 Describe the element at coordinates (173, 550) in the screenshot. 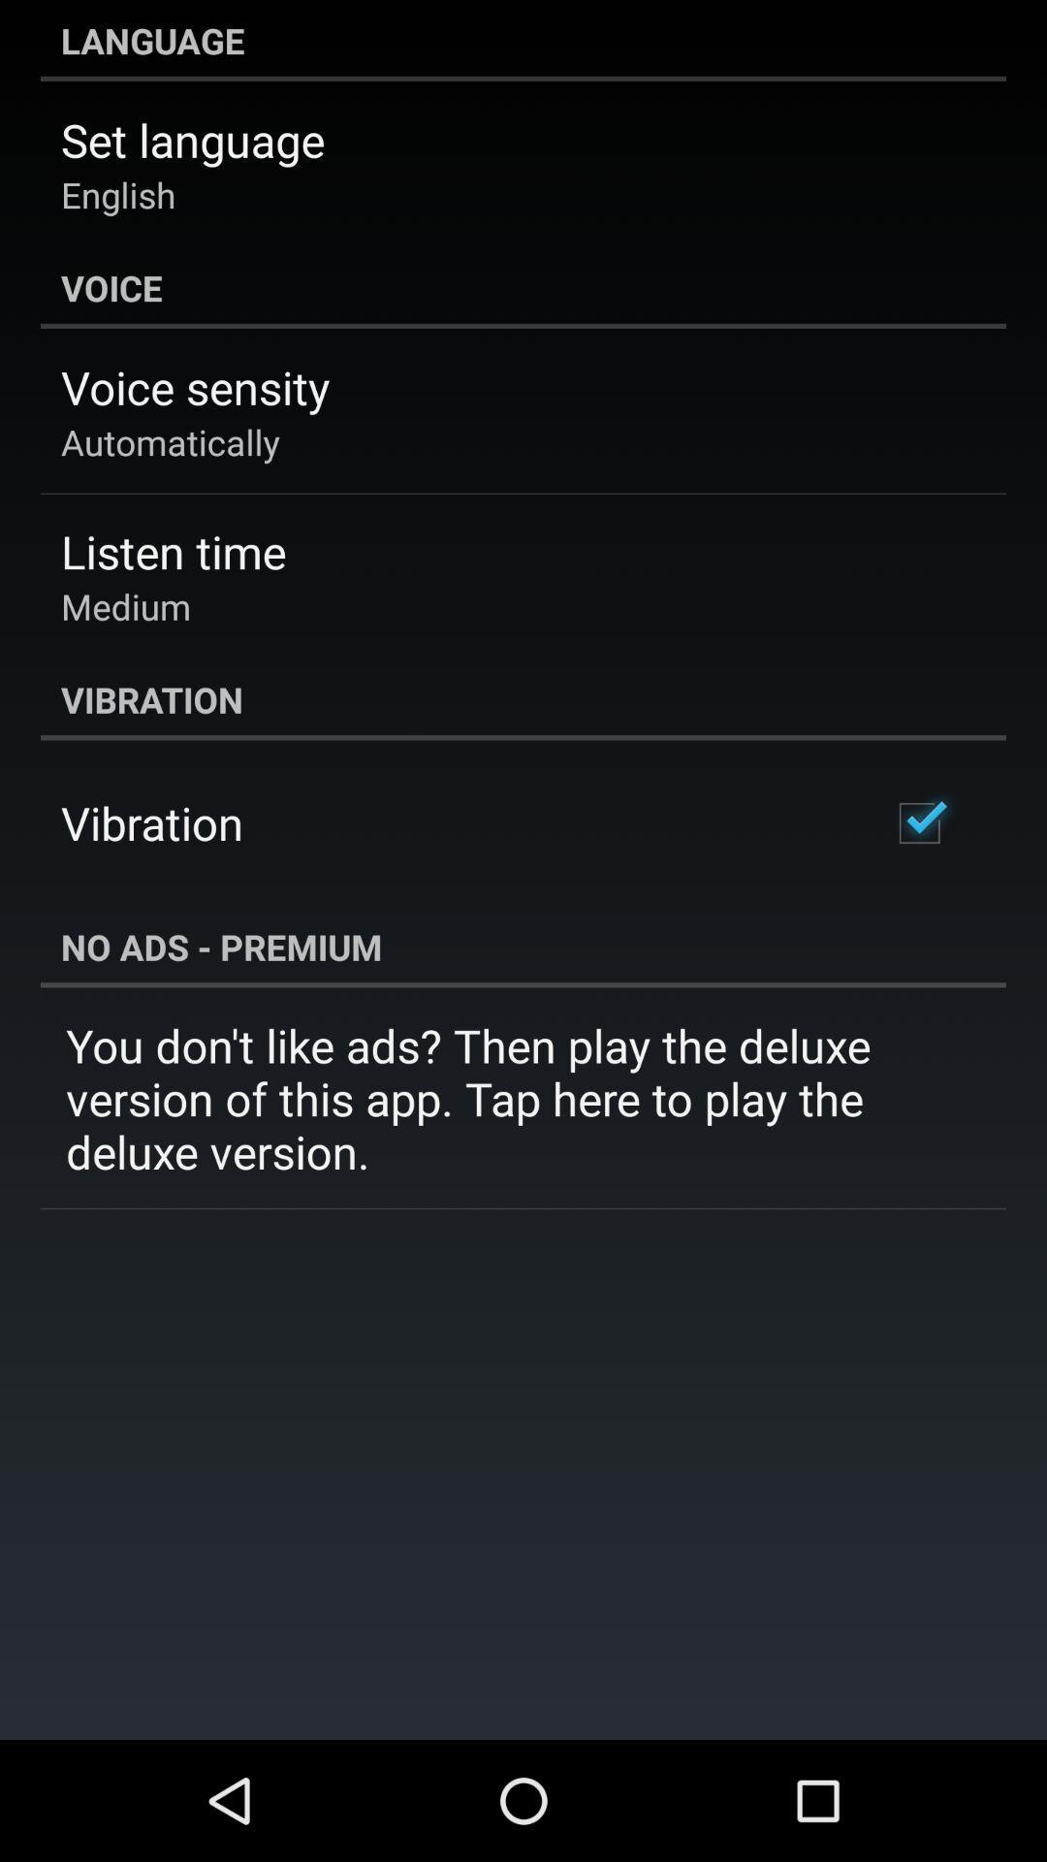

I see `icon above medium icon` at that location.